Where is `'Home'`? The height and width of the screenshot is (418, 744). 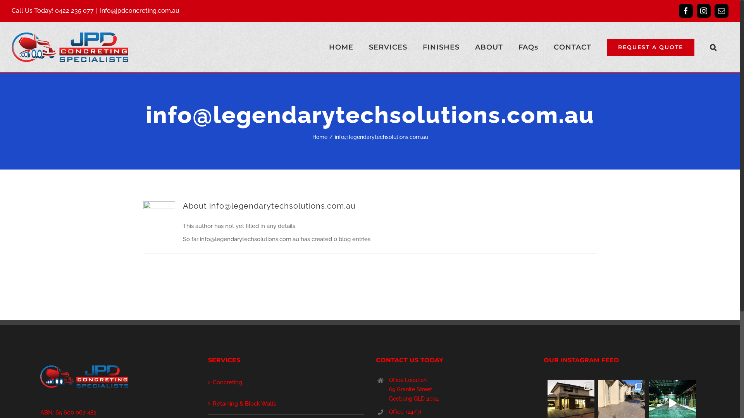 'Home' is located at coordinates (320, 137).